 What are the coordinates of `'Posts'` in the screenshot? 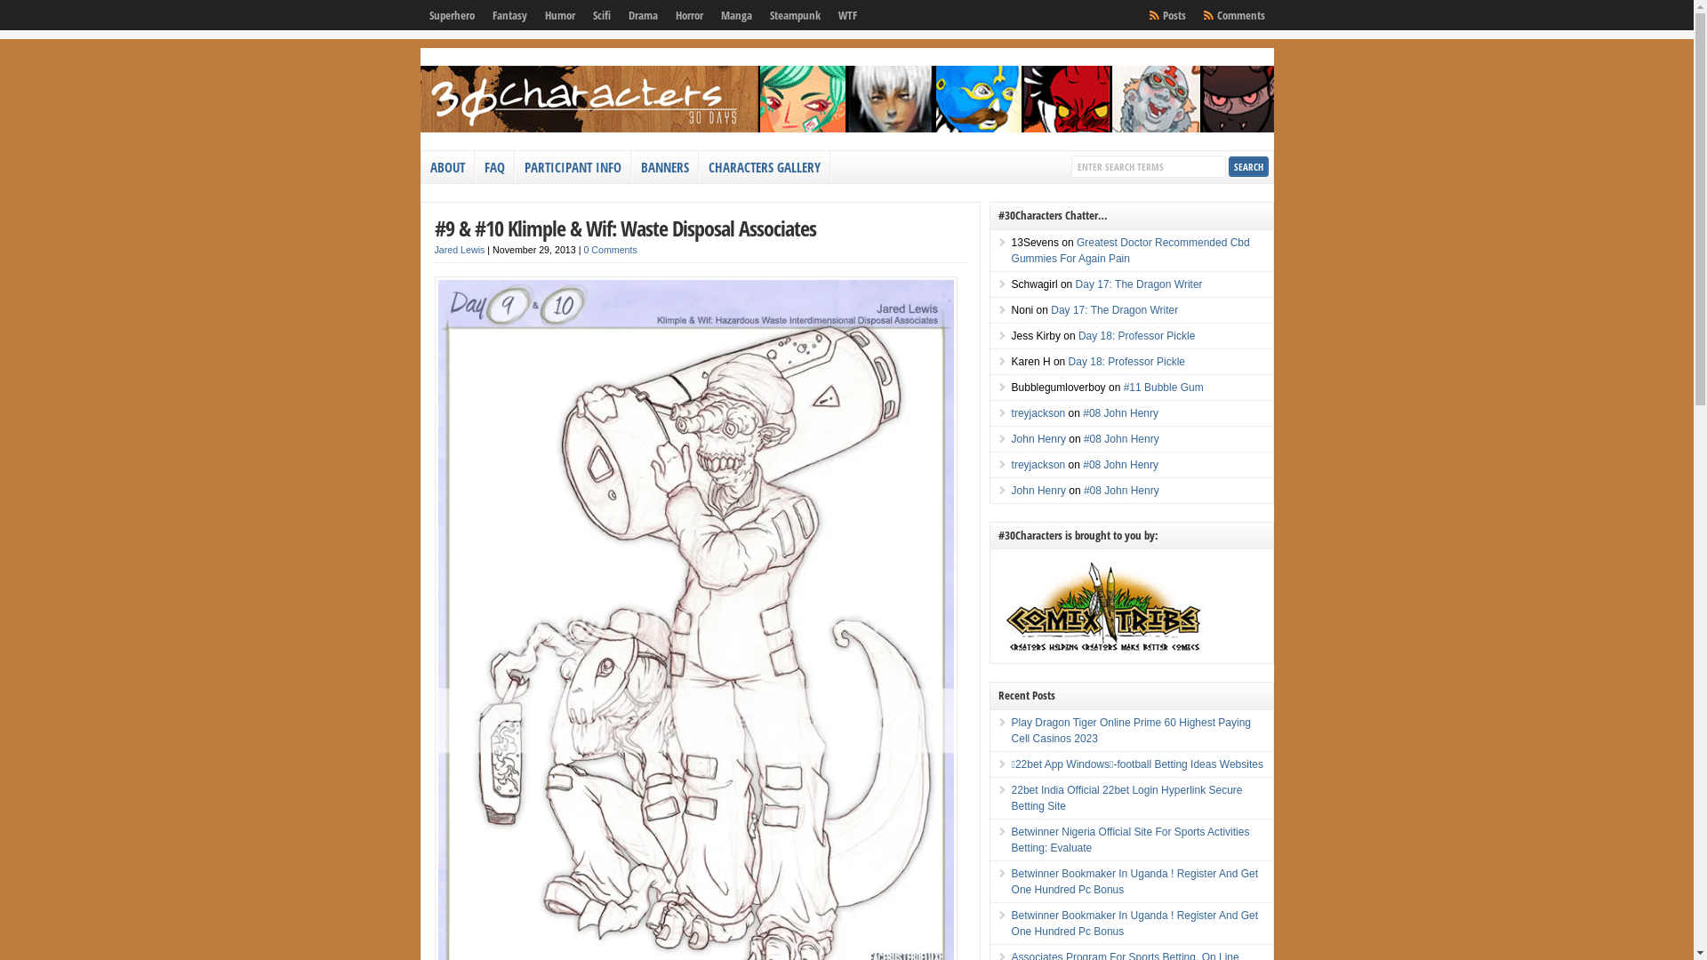 It's located at (1174, 14).